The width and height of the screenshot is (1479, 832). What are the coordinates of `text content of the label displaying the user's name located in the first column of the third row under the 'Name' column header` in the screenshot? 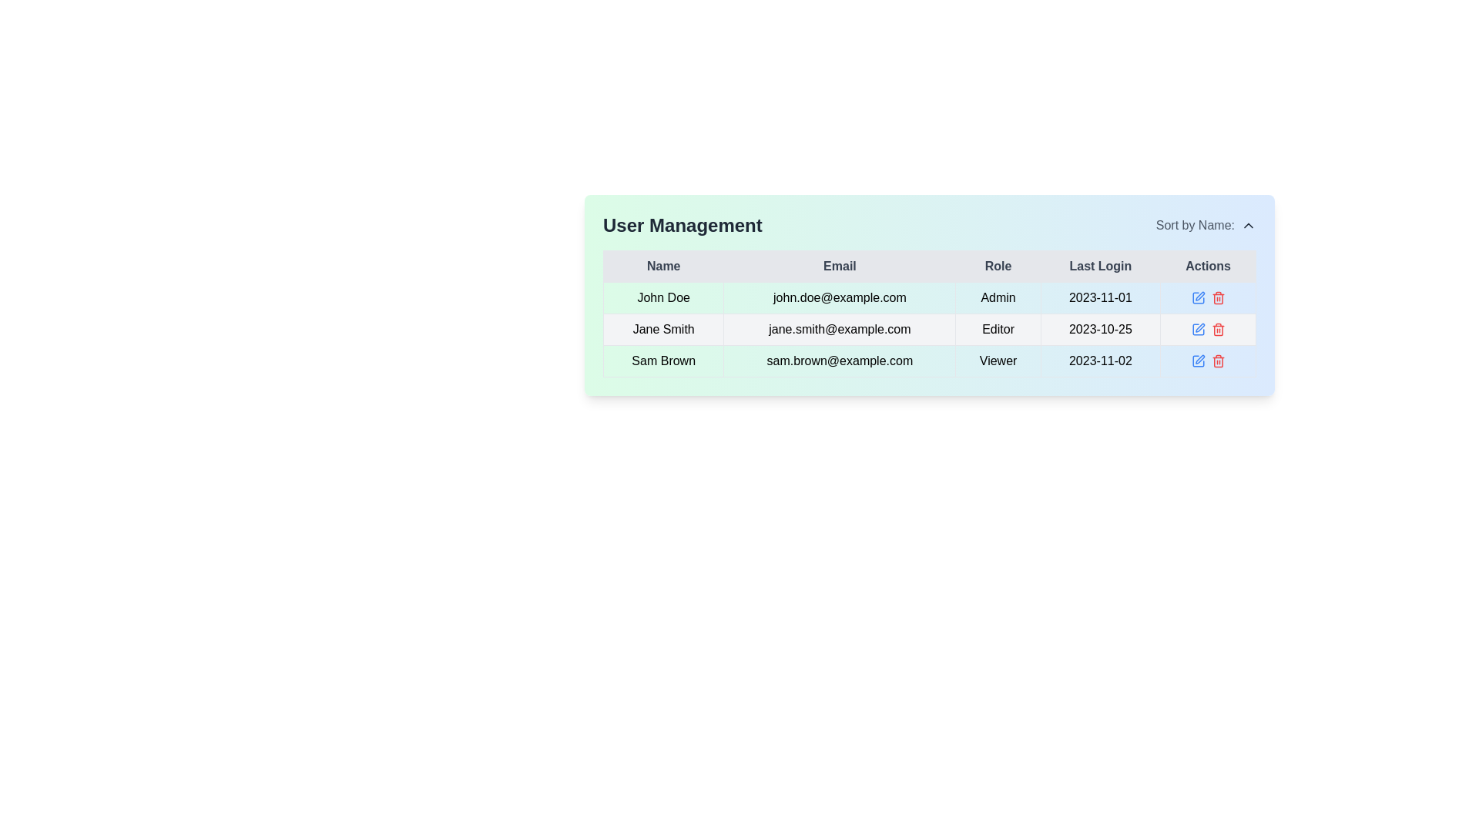 It's located at (663, 361).